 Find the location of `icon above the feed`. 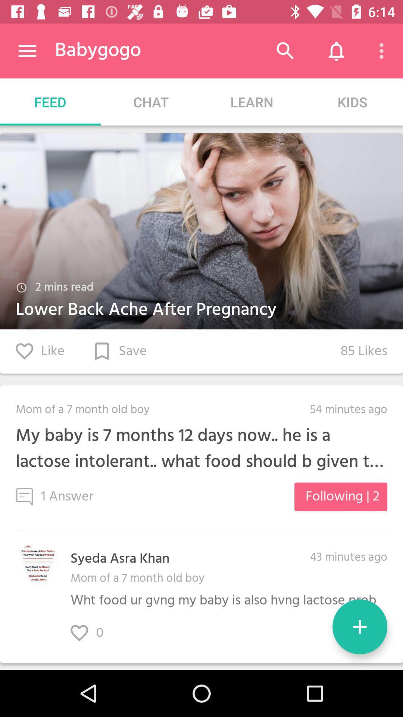

icon above the feed is located at coordinates (27, 50).